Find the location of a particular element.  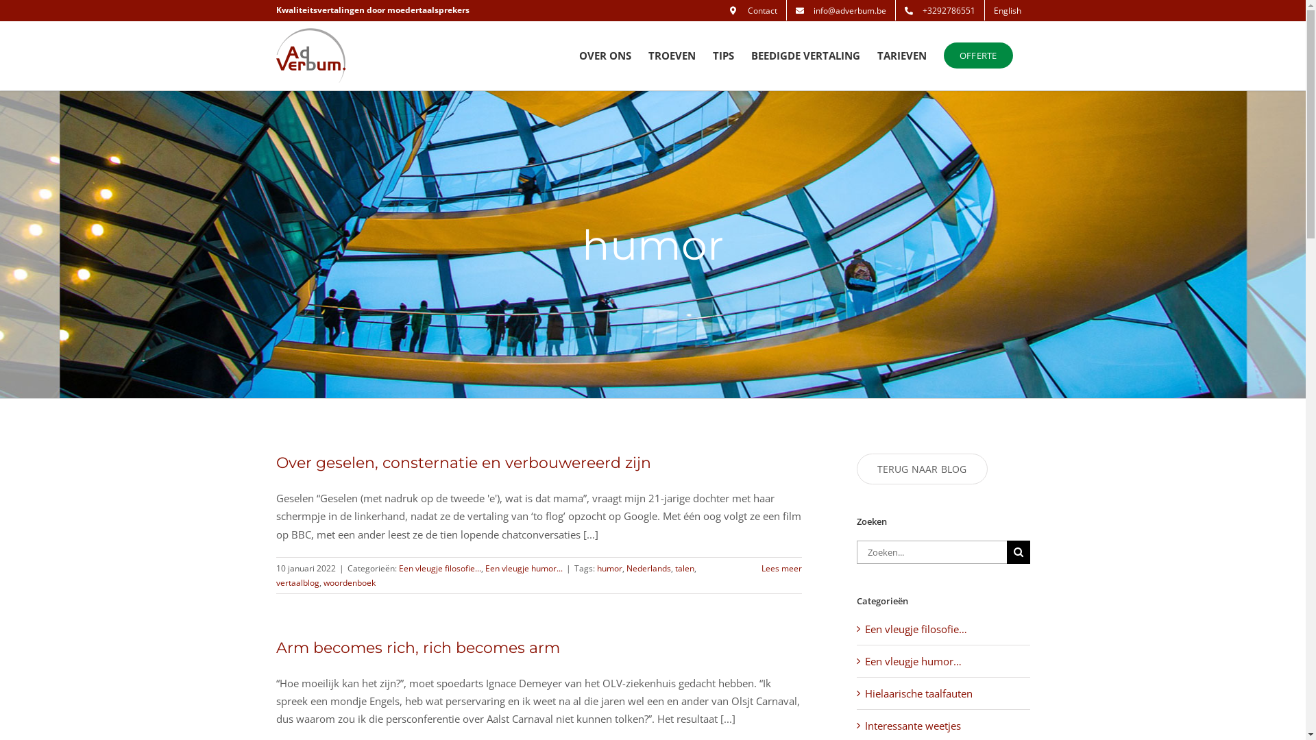

'Interessante weetjes' is located at coordinates (943, 725).